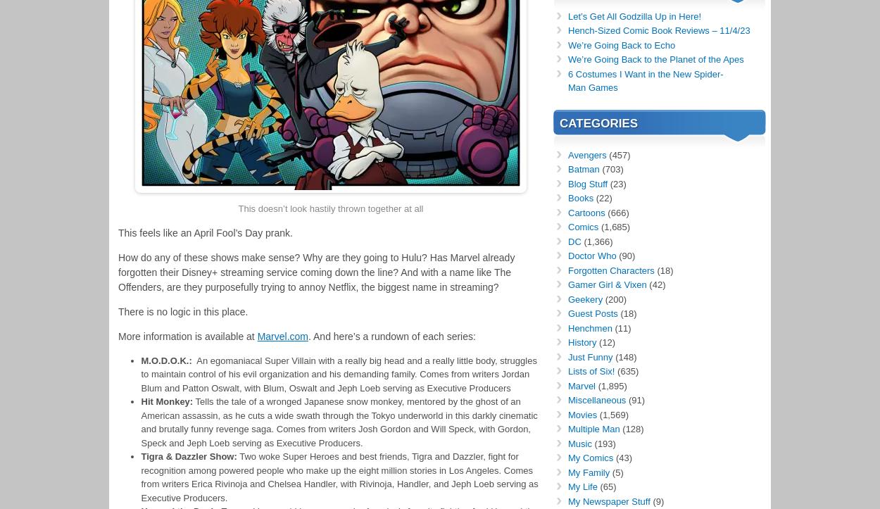  Describe the element at coordinates (659, 30) in the screenshot. I see `'Hench-Sized Comic Book Reviews – 11/4/23'` at that location.